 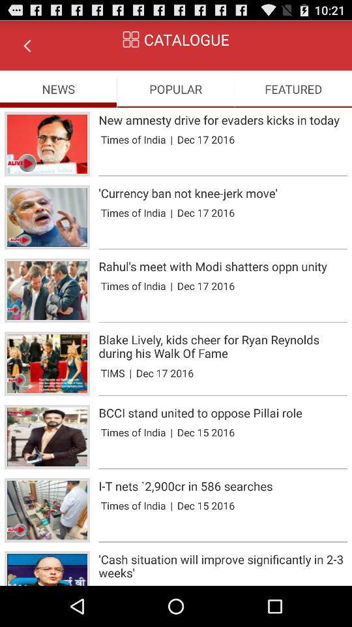 What do you see at coordinates (27, 45) in the screenshot?
I see `go back` at bounding box center [27, 45].